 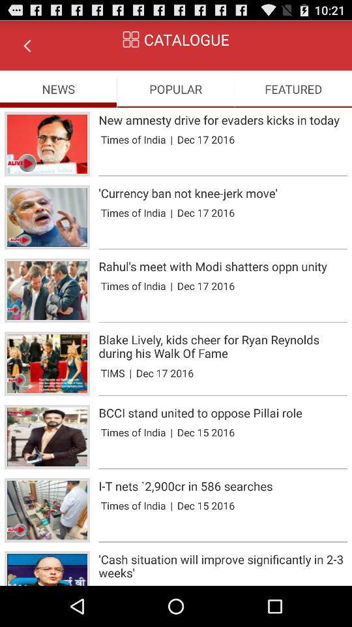 What do you see at coordinates (27, 45) in the screenshot?
I see `go back` at bounding box center [27, 45].